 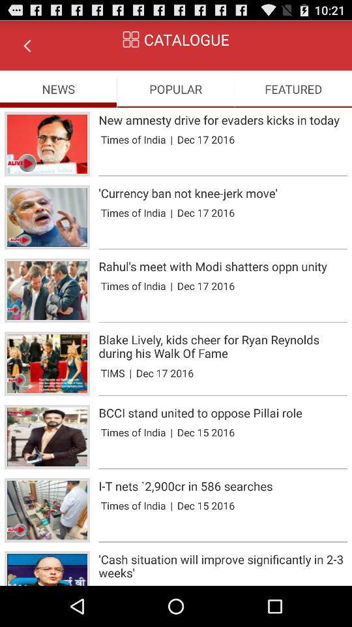 What do you see at coordinates (27, 45) in the screenshot?
I see `go back` at bounding box center [27, 45].